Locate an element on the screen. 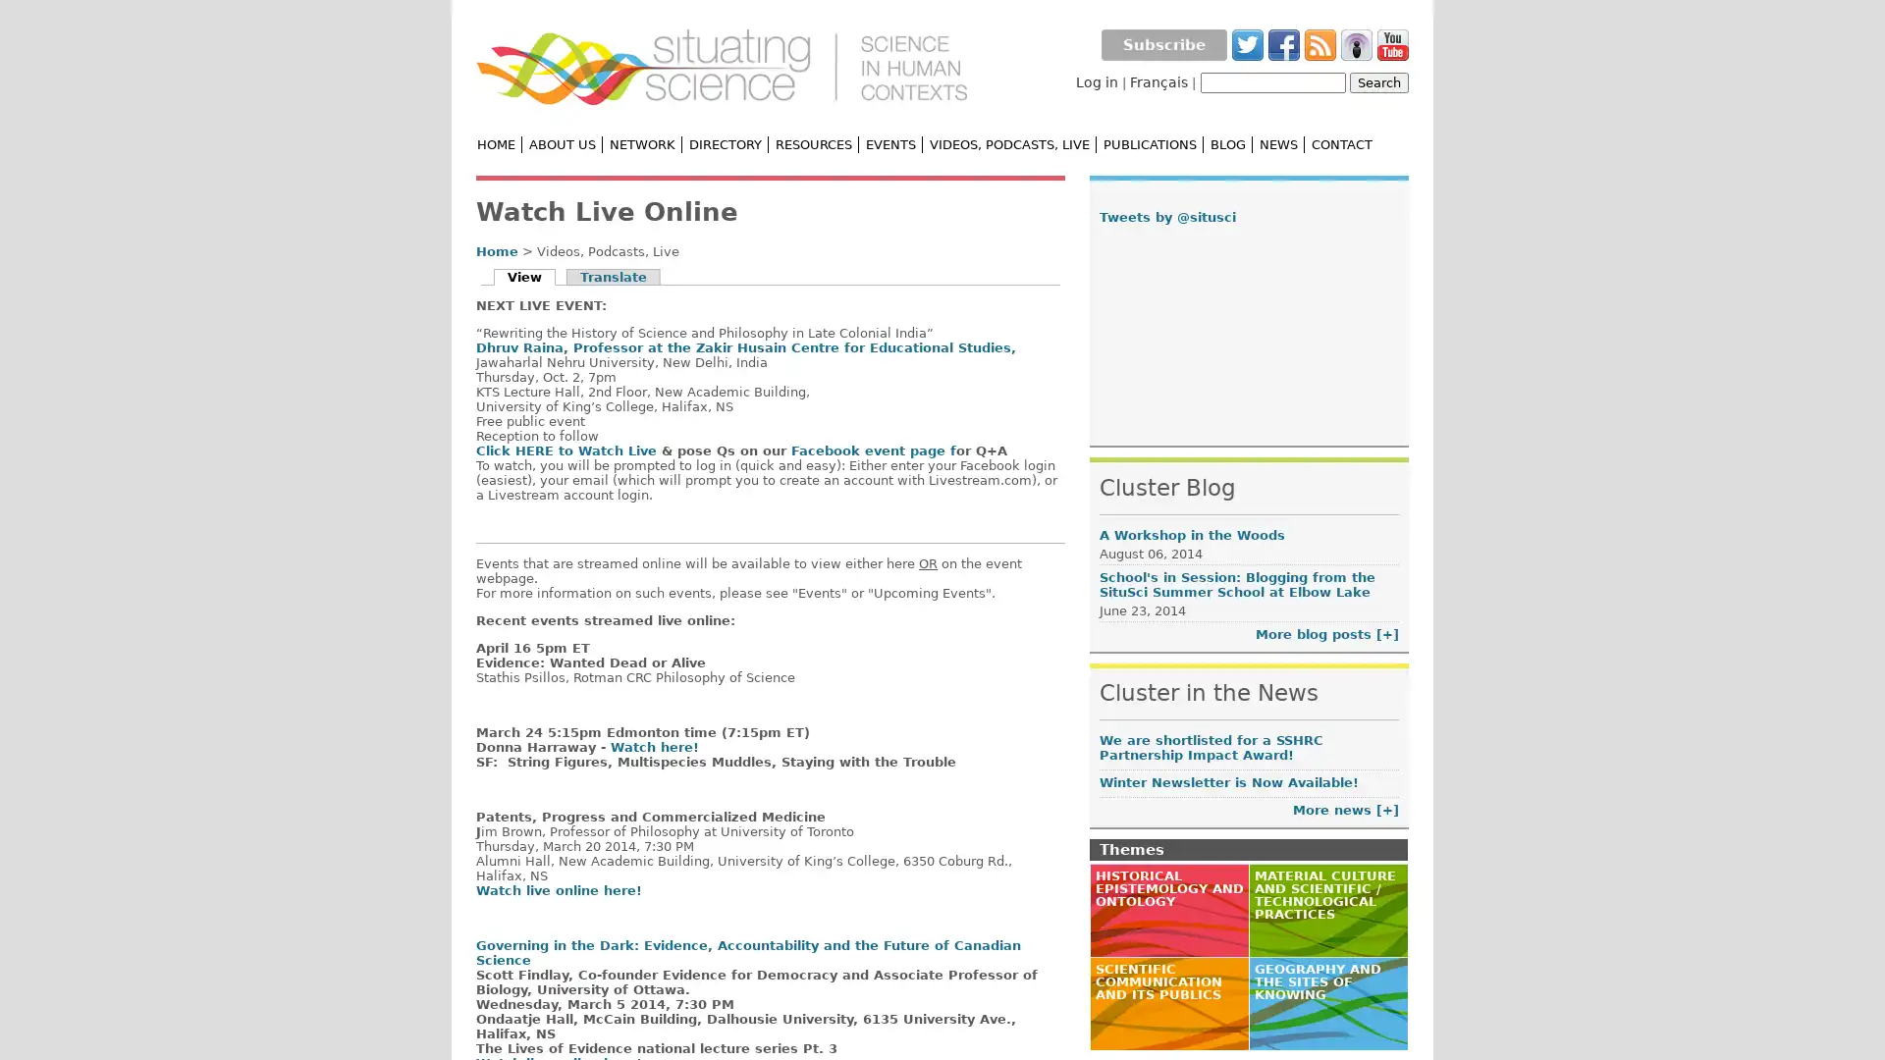 The image size is (1885, 1060). Search is located at coordinates (1378, 81).